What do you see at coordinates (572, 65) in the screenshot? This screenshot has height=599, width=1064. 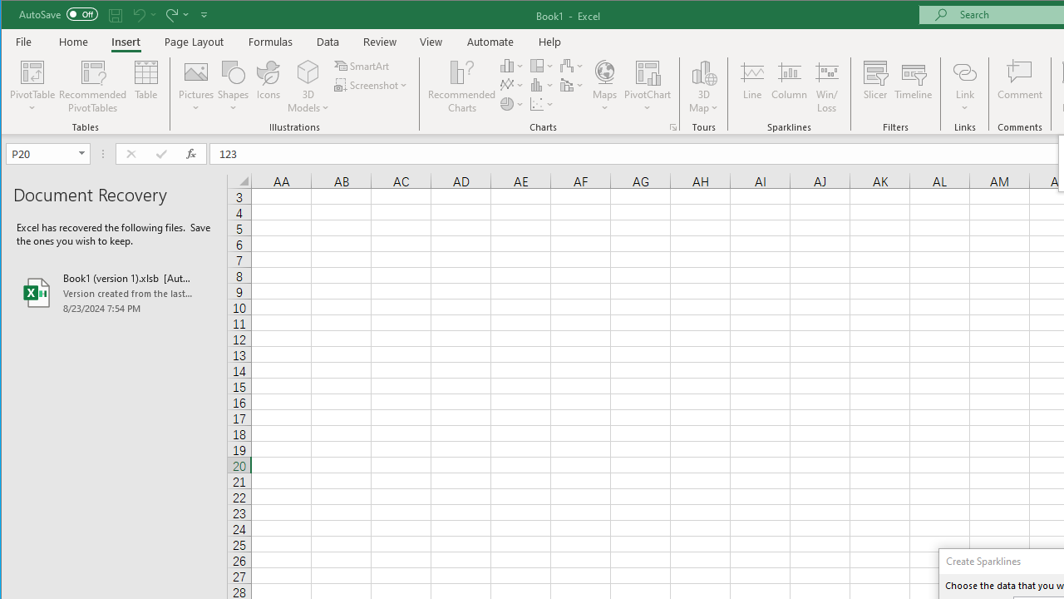 I see `'Insert Waterfall, Funnel, Stock, Surface, or Radar Chart'` at bounding box center [572, 65].